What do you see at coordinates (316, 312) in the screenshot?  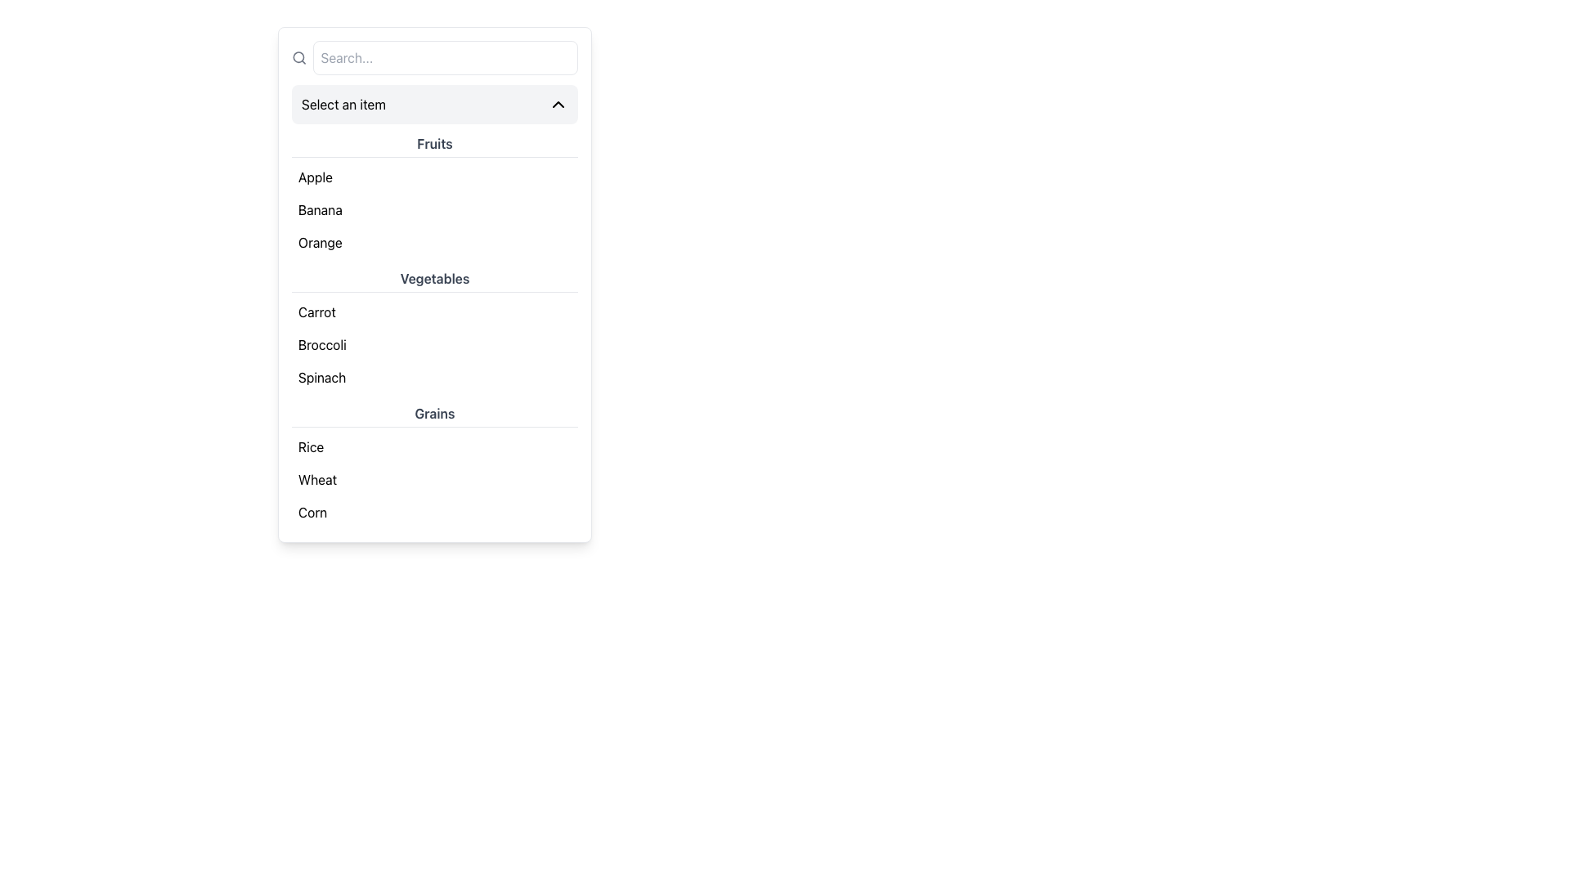 I see `the 'Carrot' text item in the dropdown list under the 'Vegetables' category` at bounding box center [316, 312].